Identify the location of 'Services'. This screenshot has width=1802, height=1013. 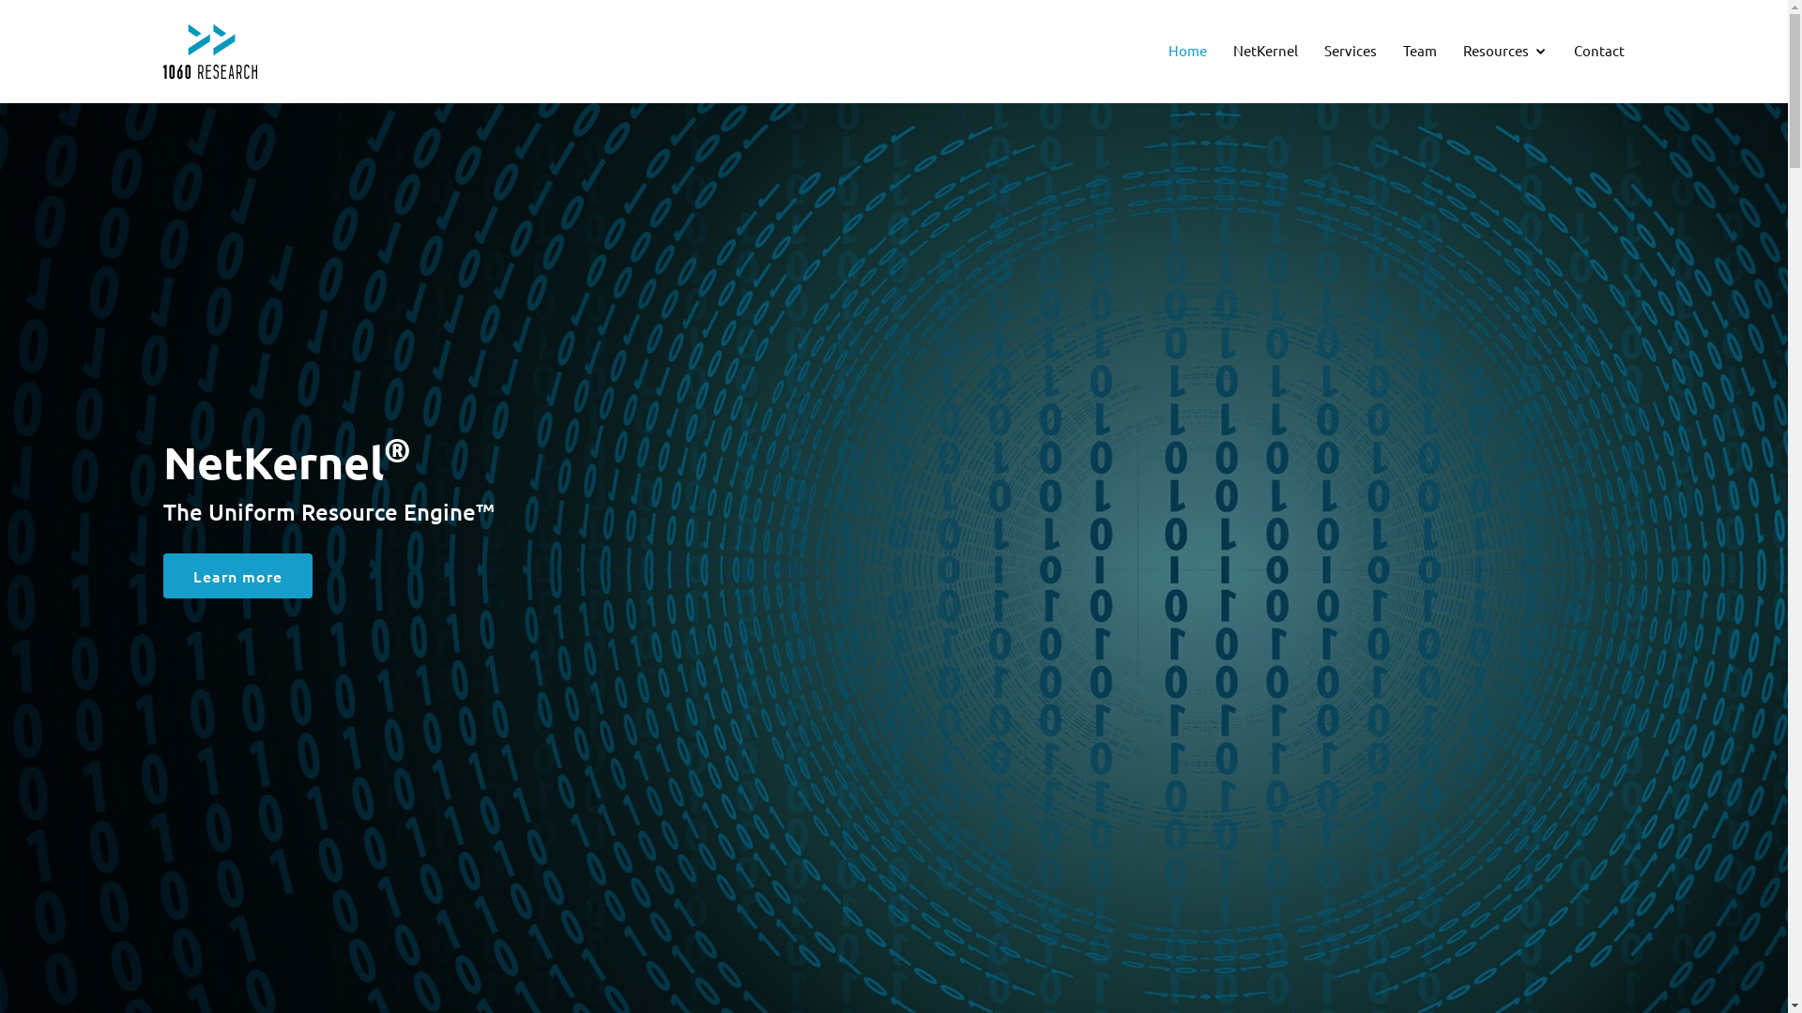
(1350, 50).